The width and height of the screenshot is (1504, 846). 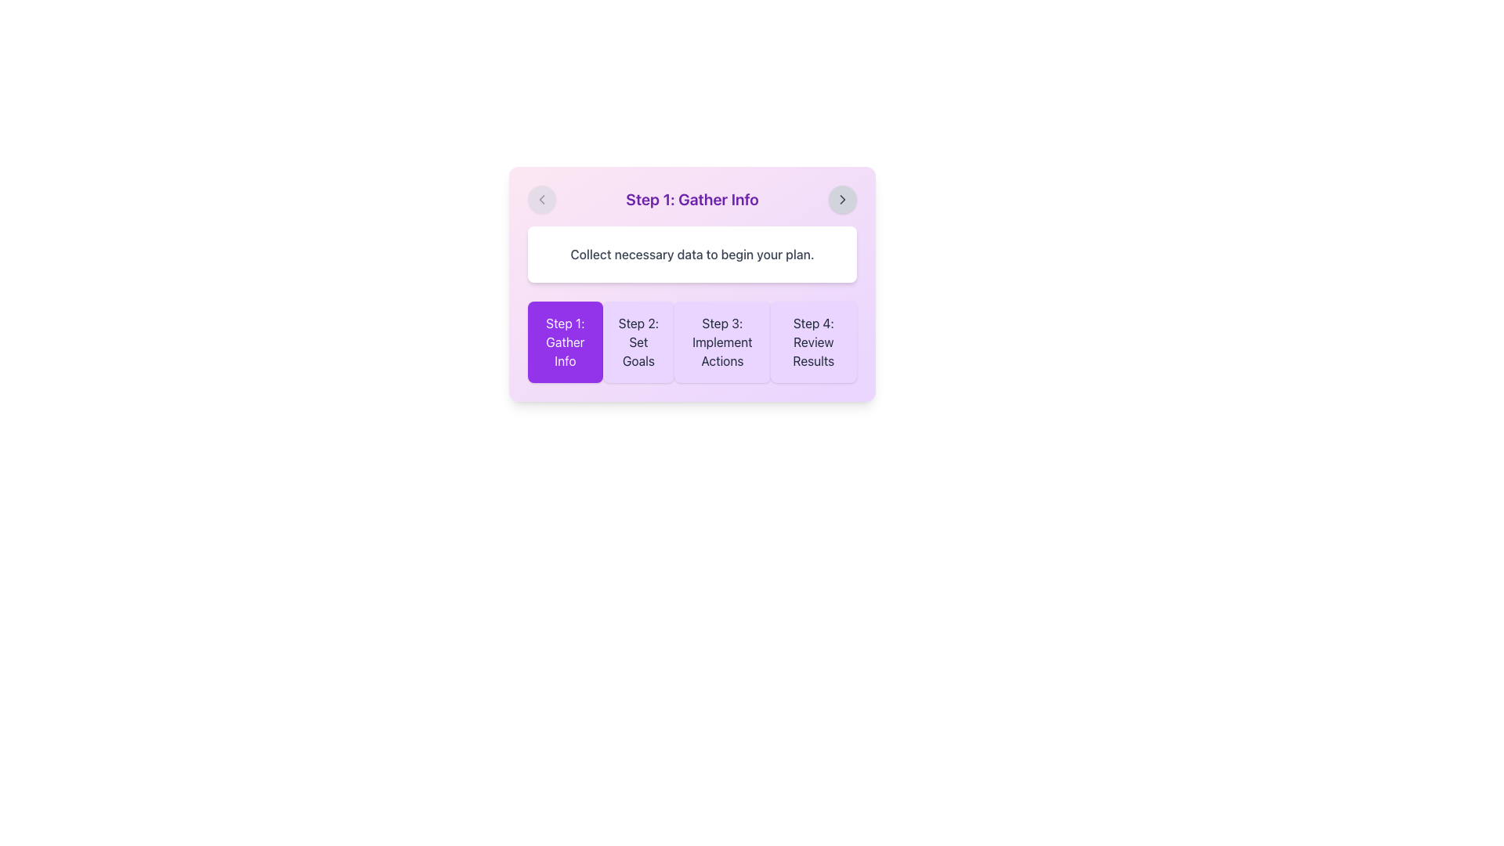 I want to click on the circular button containing the right-pointing chevron icon, so click(x=841, y=198).